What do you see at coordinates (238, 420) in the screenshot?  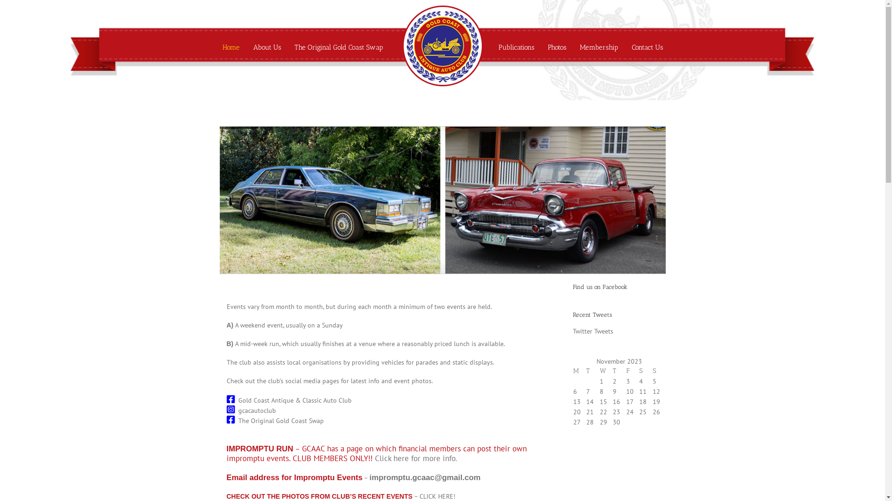 I see `'The Original Gold Coast Swap'` at bounding box center [238, 420].